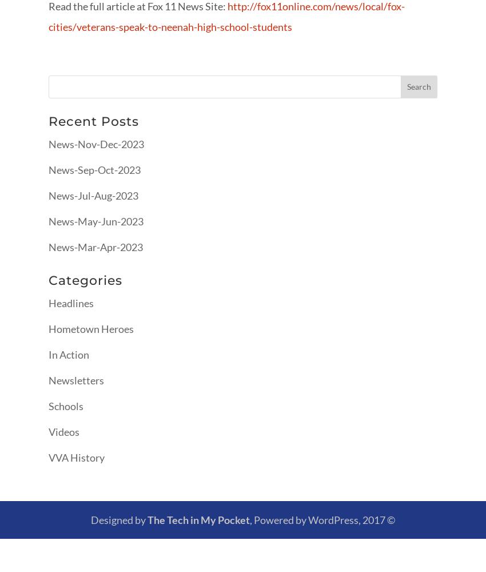  What do you see at coordinates (94, 169) in the screenshot?
I see `'News-Sep-Oct-2023'` at bounding box center [94, 169].